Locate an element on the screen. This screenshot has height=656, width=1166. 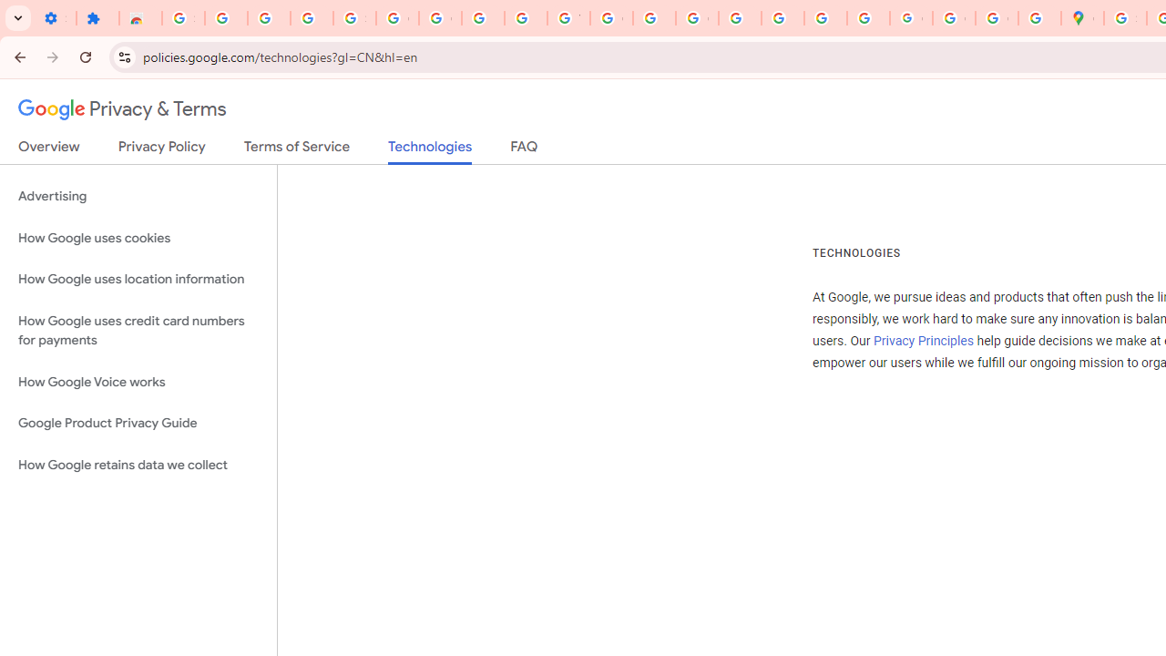
'How Google uses cookies' is located at coordinates (138, 237).